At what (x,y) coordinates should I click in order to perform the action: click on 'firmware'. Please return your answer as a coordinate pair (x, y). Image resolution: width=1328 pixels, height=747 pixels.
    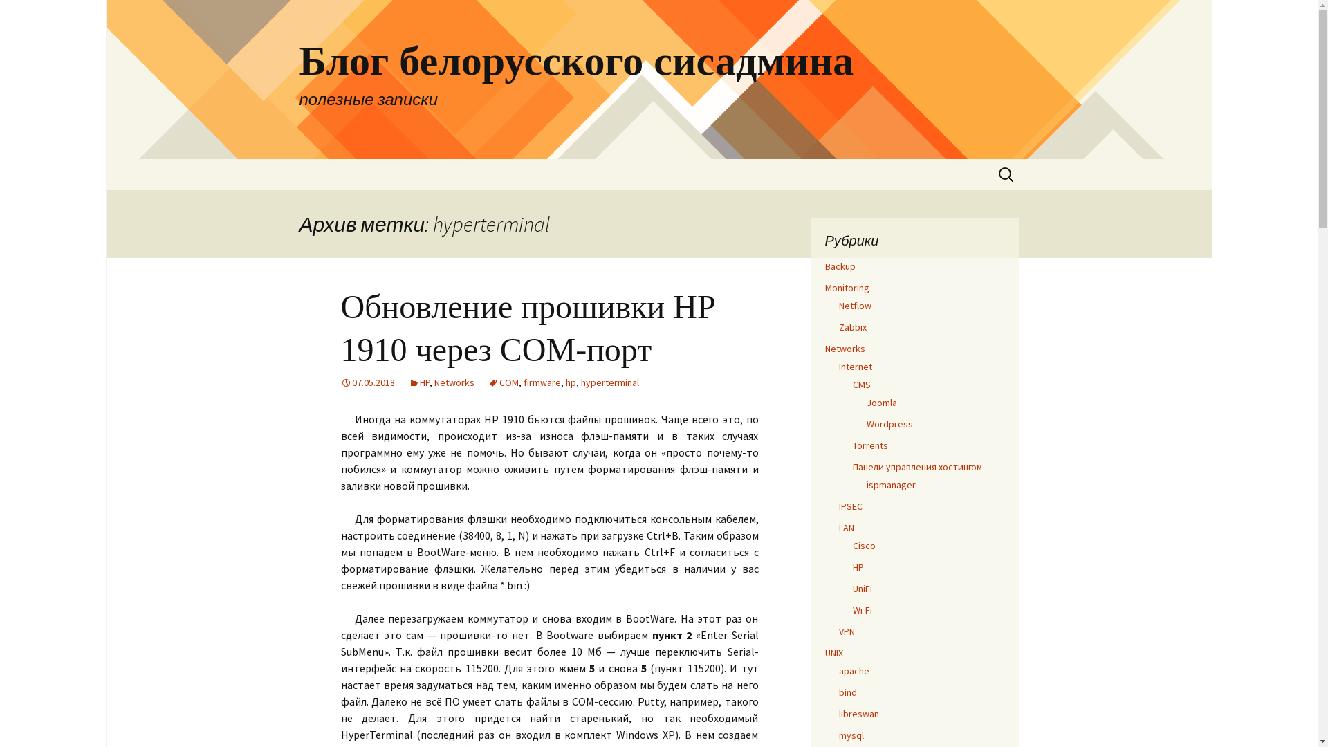
    Looking at the image, I should click on (522, 382).